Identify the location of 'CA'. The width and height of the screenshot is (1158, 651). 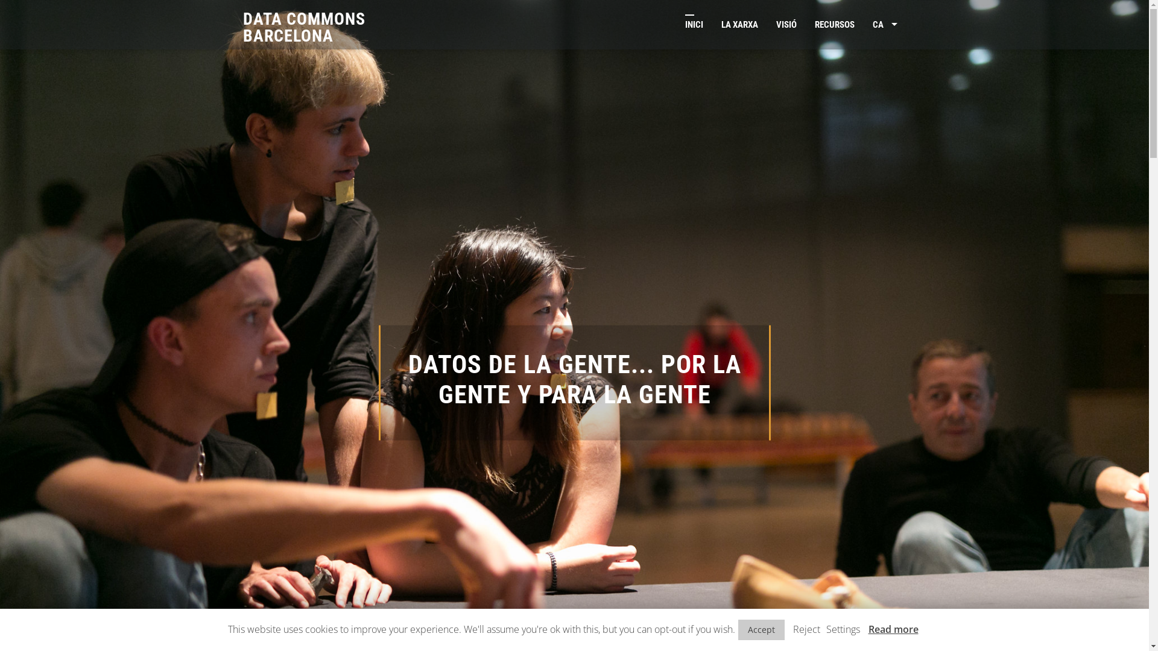
(885, 25).